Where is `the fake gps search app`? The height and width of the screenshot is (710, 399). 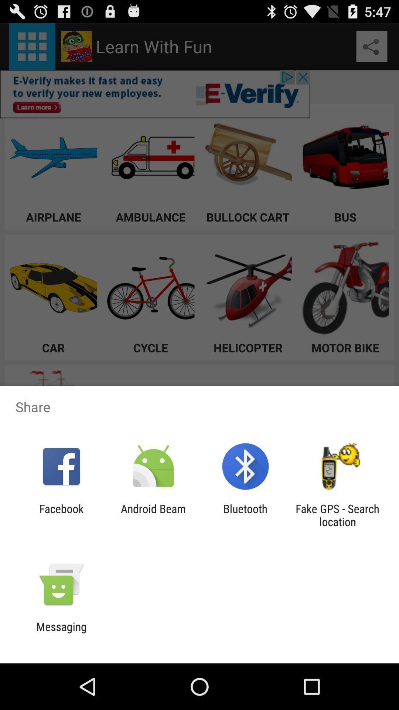 the fake gps search app is located at coordinates (337, 515).